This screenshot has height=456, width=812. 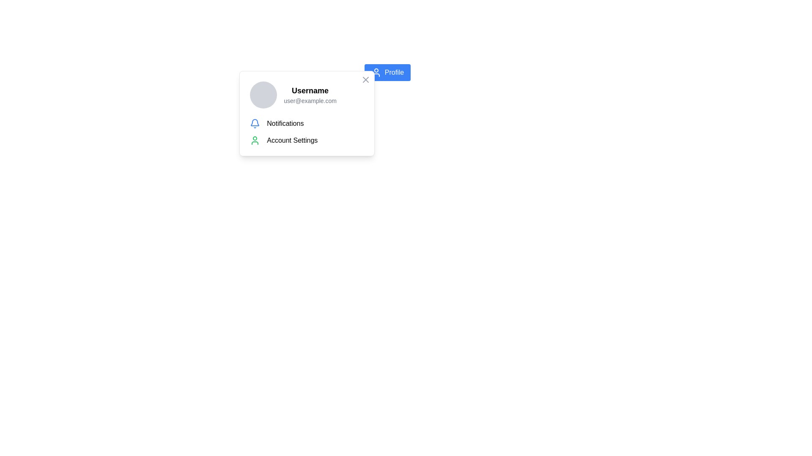 What do you see at coordinates (307, 113) in the screenshot?
I see `the dropdown menu located below and slightly to the left of the 'Profile' button` at bounding box center [307, 113].